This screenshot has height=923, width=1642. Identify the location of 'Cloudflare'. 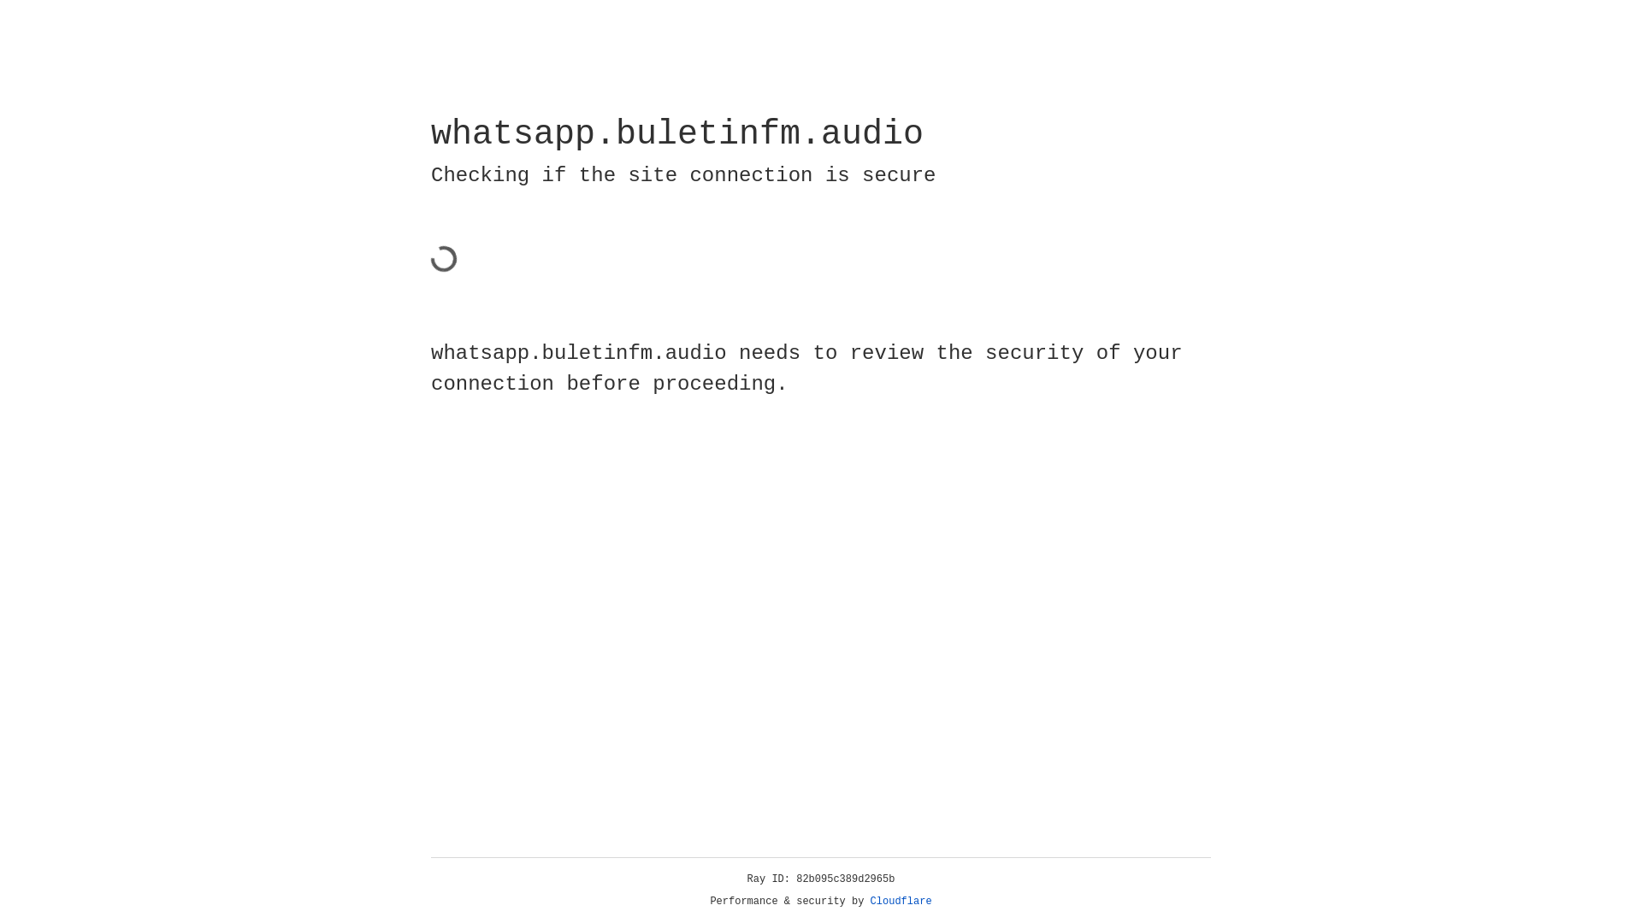
(901, 901).